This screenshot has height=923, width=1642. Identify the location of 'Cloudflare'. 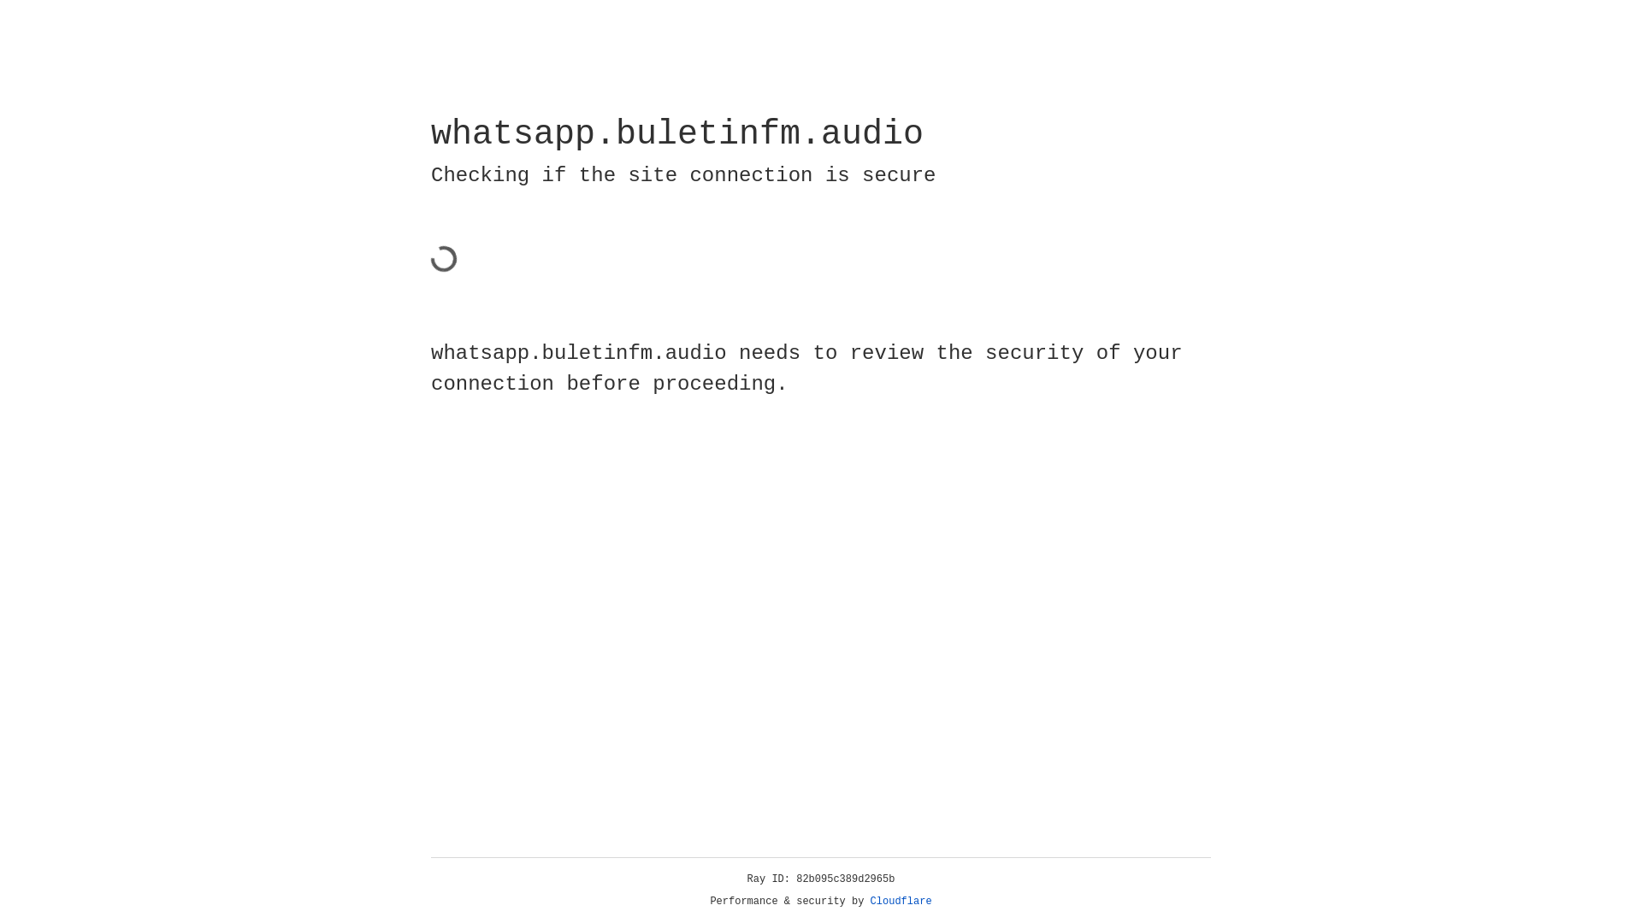
(901, 901).